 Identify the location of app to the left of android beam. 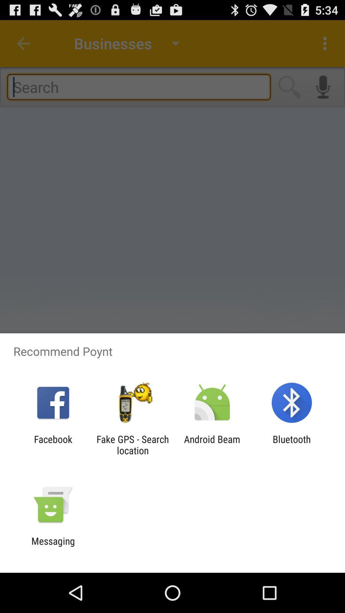
(132, 444).